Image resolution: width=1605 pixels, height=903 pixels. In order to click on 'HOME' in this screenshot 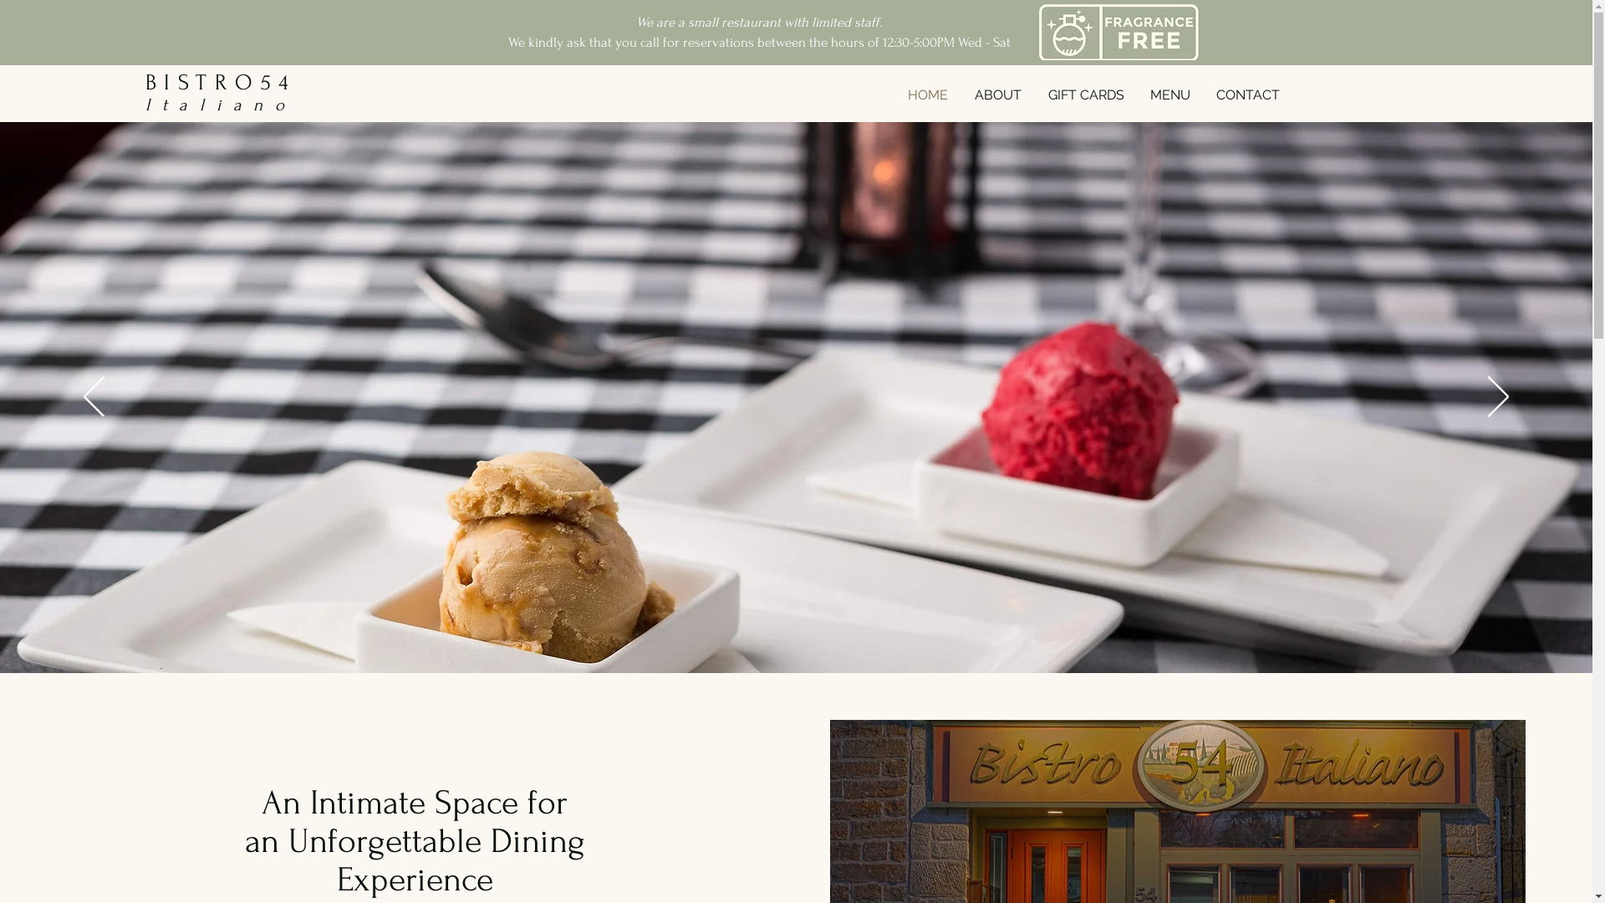, I will do `click(925, 95)`.